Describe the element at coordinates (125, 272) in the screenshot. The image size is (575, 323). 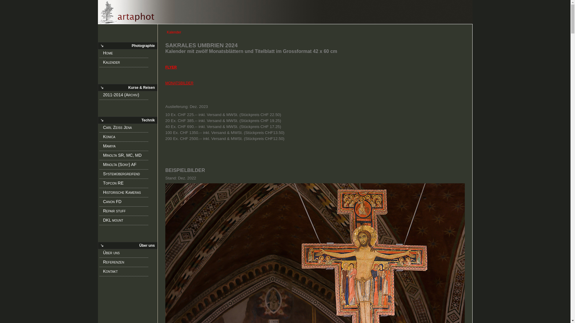
I see `'Kontakt'` at that location.